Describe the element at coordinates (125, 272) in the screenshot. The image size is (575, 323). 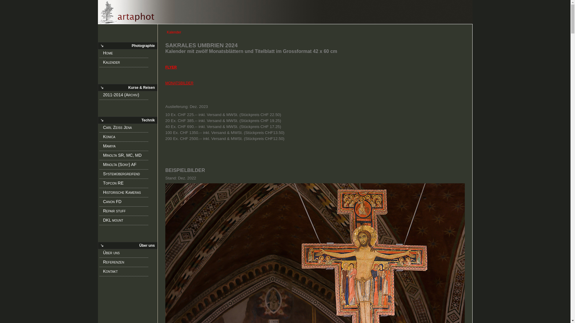
I see `'Kontakt'` at that location.